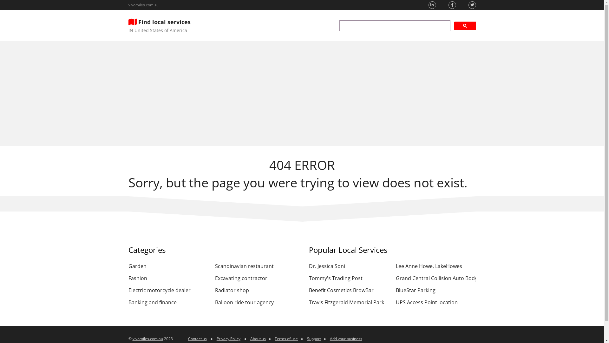 This screenshot has height=343, width=609. Describe the element at coordinates (349, 266) in the screenshot. I see `'Dr. Jessica Soni'` at that location.